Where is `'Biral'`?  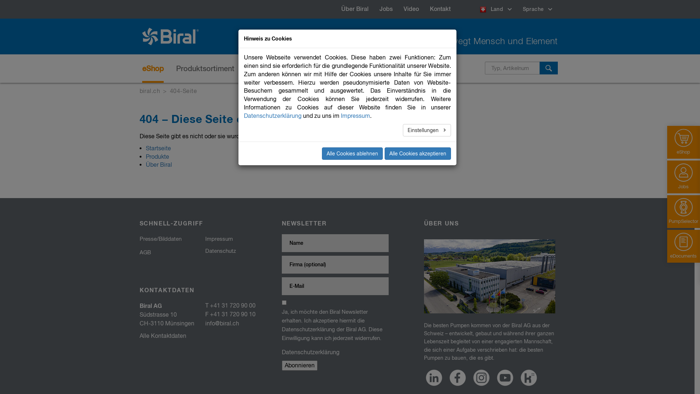 'Biral' is located at coordinates (173, 36).